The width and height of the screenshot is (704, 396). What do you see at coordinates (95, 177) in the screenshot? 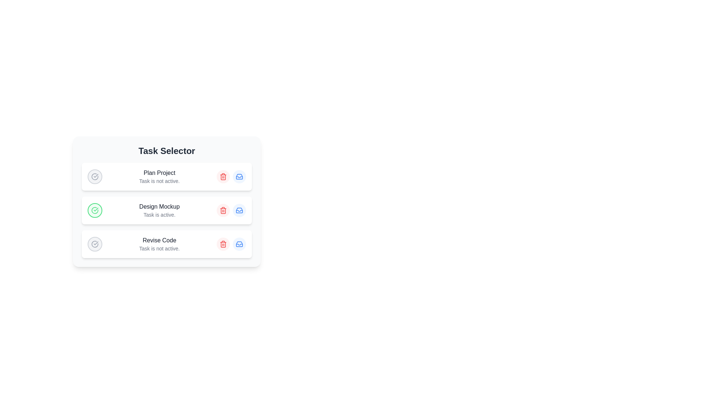
I see `the second icon in the left column of the 'Task Selector' section's second row` at bounding box center [95, 177].